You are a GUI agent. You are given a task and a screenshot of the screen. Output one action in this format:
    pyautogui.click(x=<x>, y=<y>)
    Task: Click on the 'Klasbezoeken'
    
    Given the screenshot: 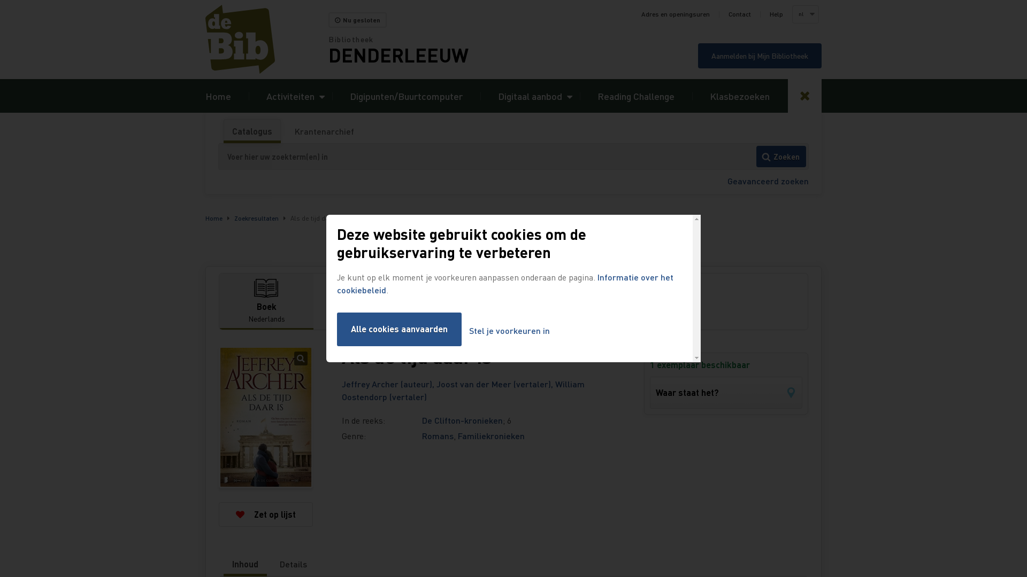 What is the action you would take?
    pyautogui.click(x=739, y=95)
    